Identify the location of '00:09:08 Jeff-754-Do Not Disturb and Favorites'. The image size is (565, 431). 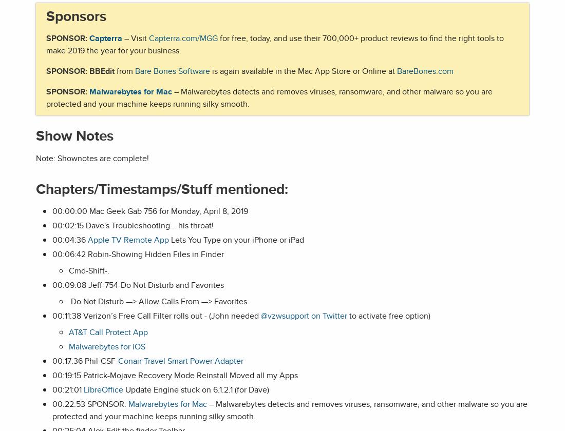
(138, 285).